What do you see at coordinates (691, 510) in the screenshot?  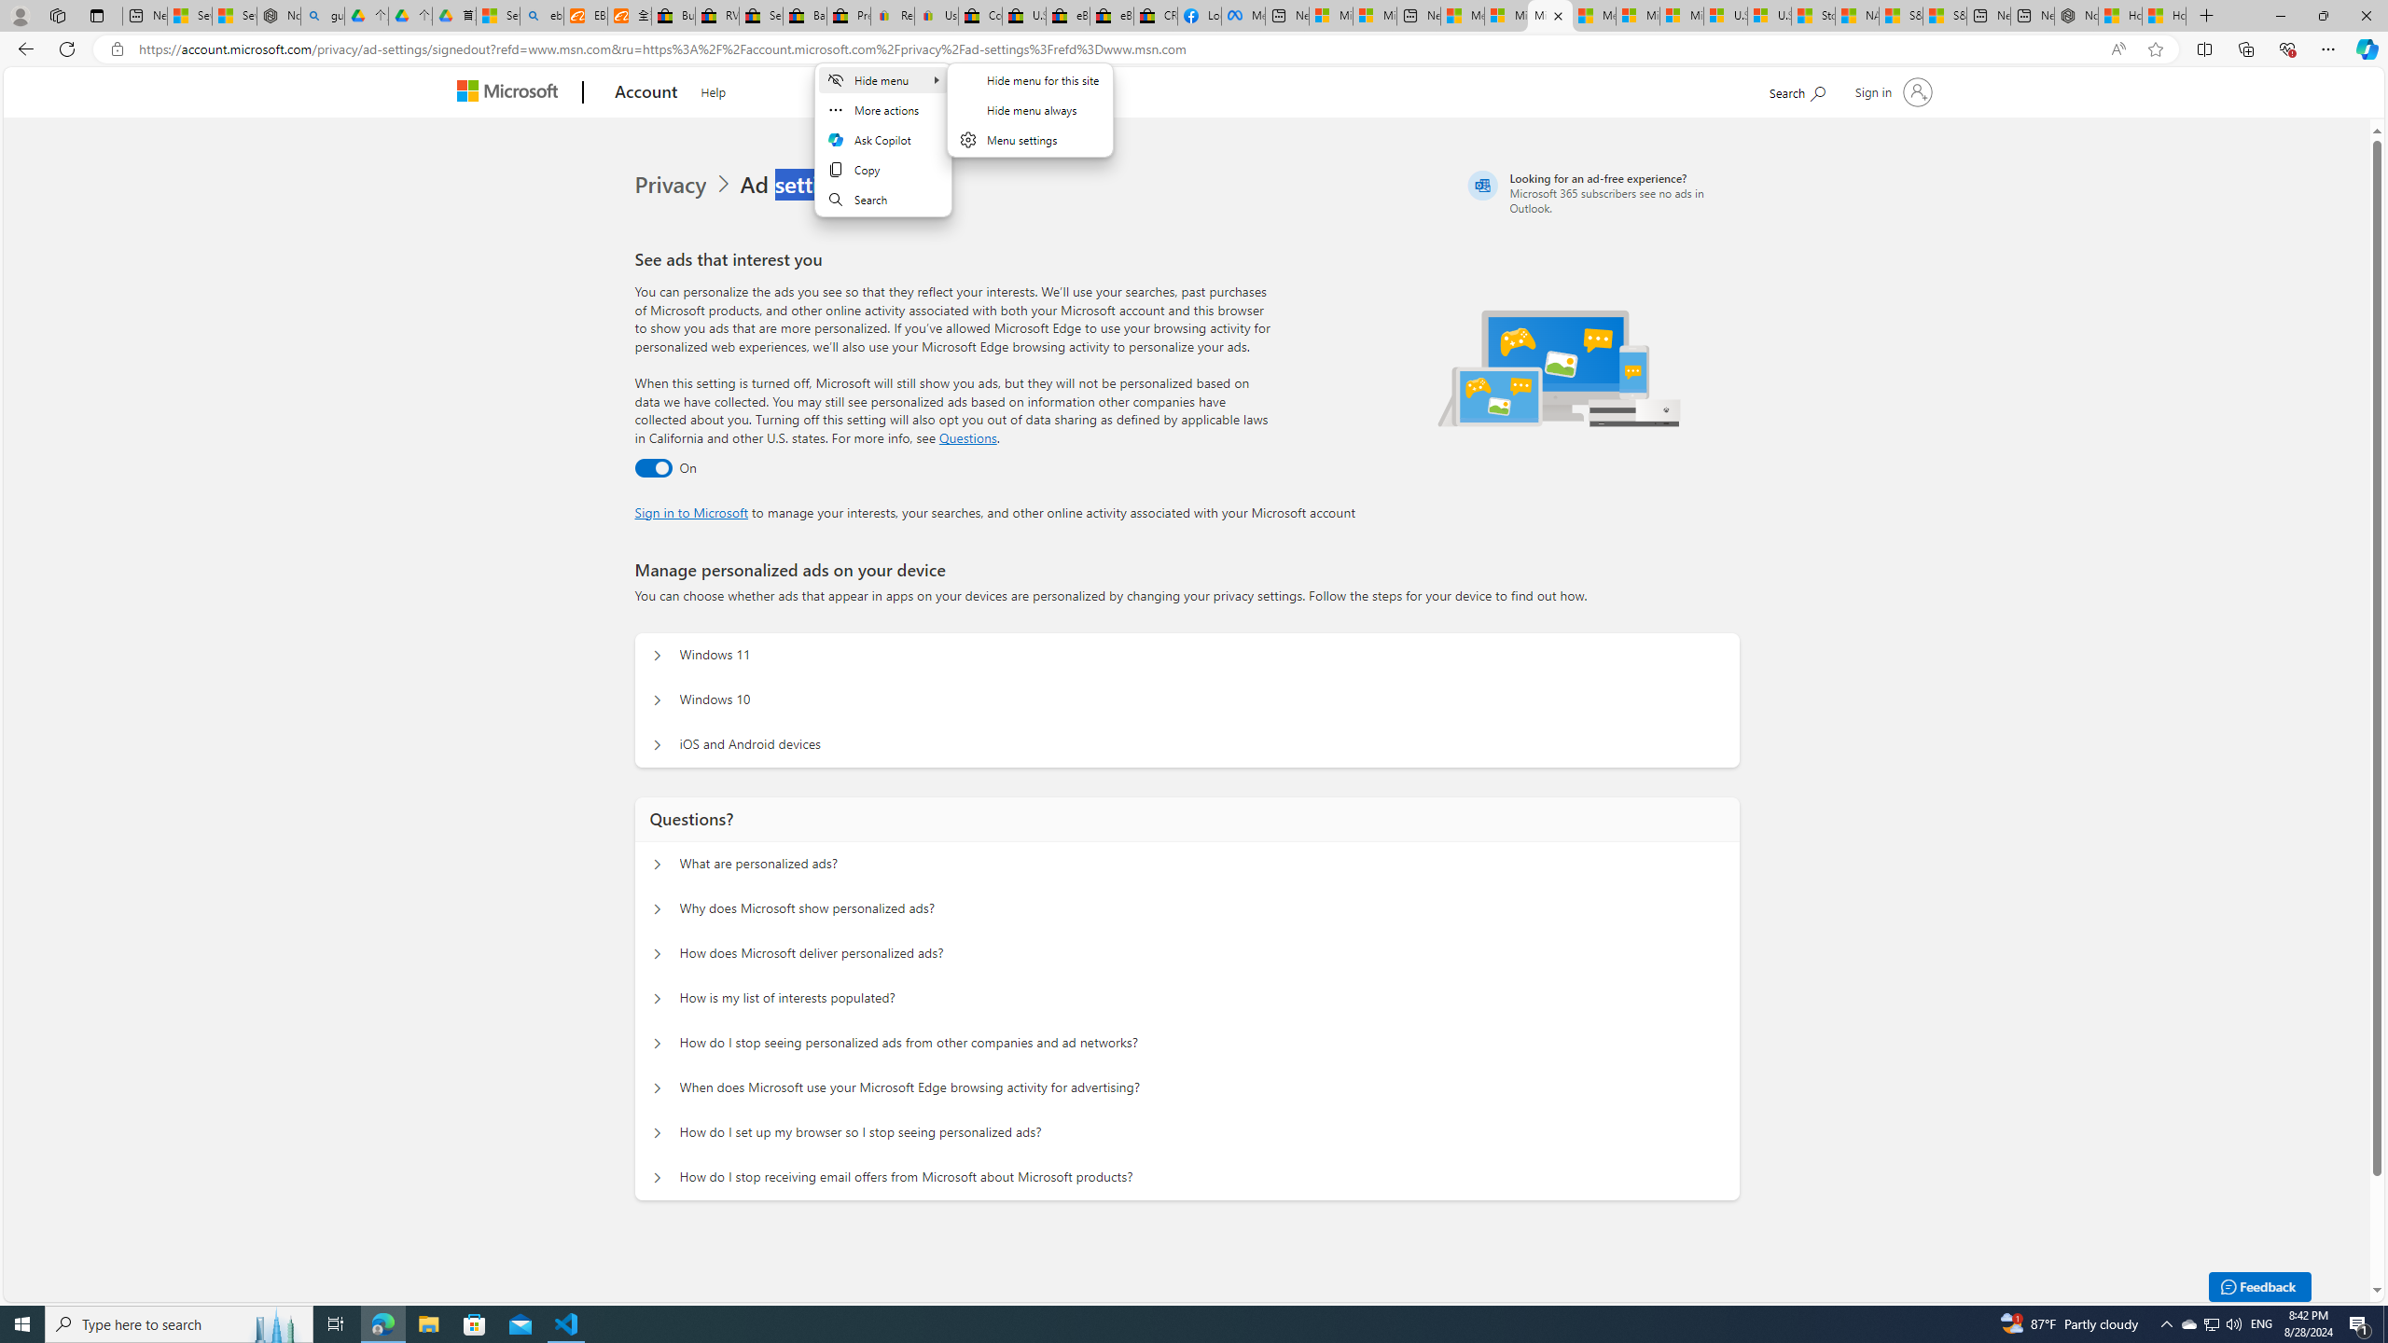 I see `'Sign in to Microsoft'` at bounding box center [691, 510].